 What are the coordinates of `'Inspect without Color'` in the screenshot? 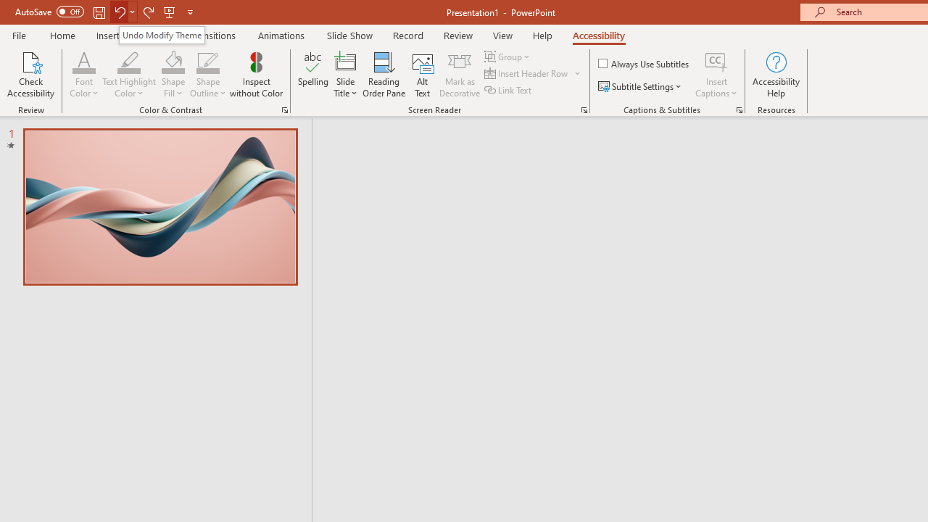 It's located at (256, 75).